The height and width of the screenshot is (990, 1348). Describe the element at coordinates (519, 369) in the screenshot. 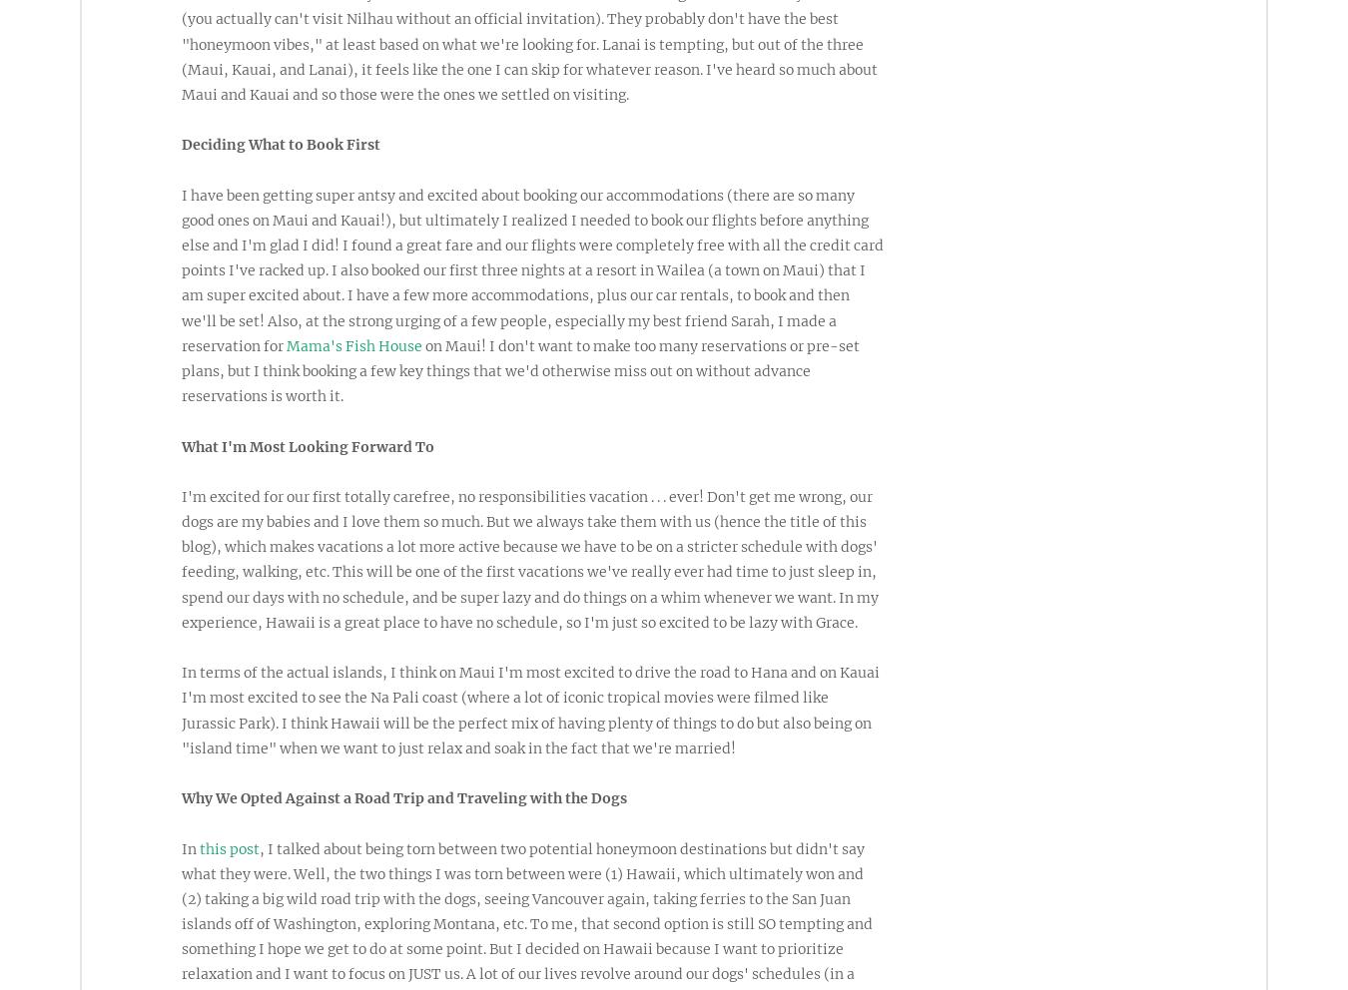

I see `'on Maui! I don't want to make too many reservations or pre-set plans, but I think booking a few key things that we'd otherwise miss out on without advance reservations is worth it.'` at that location.